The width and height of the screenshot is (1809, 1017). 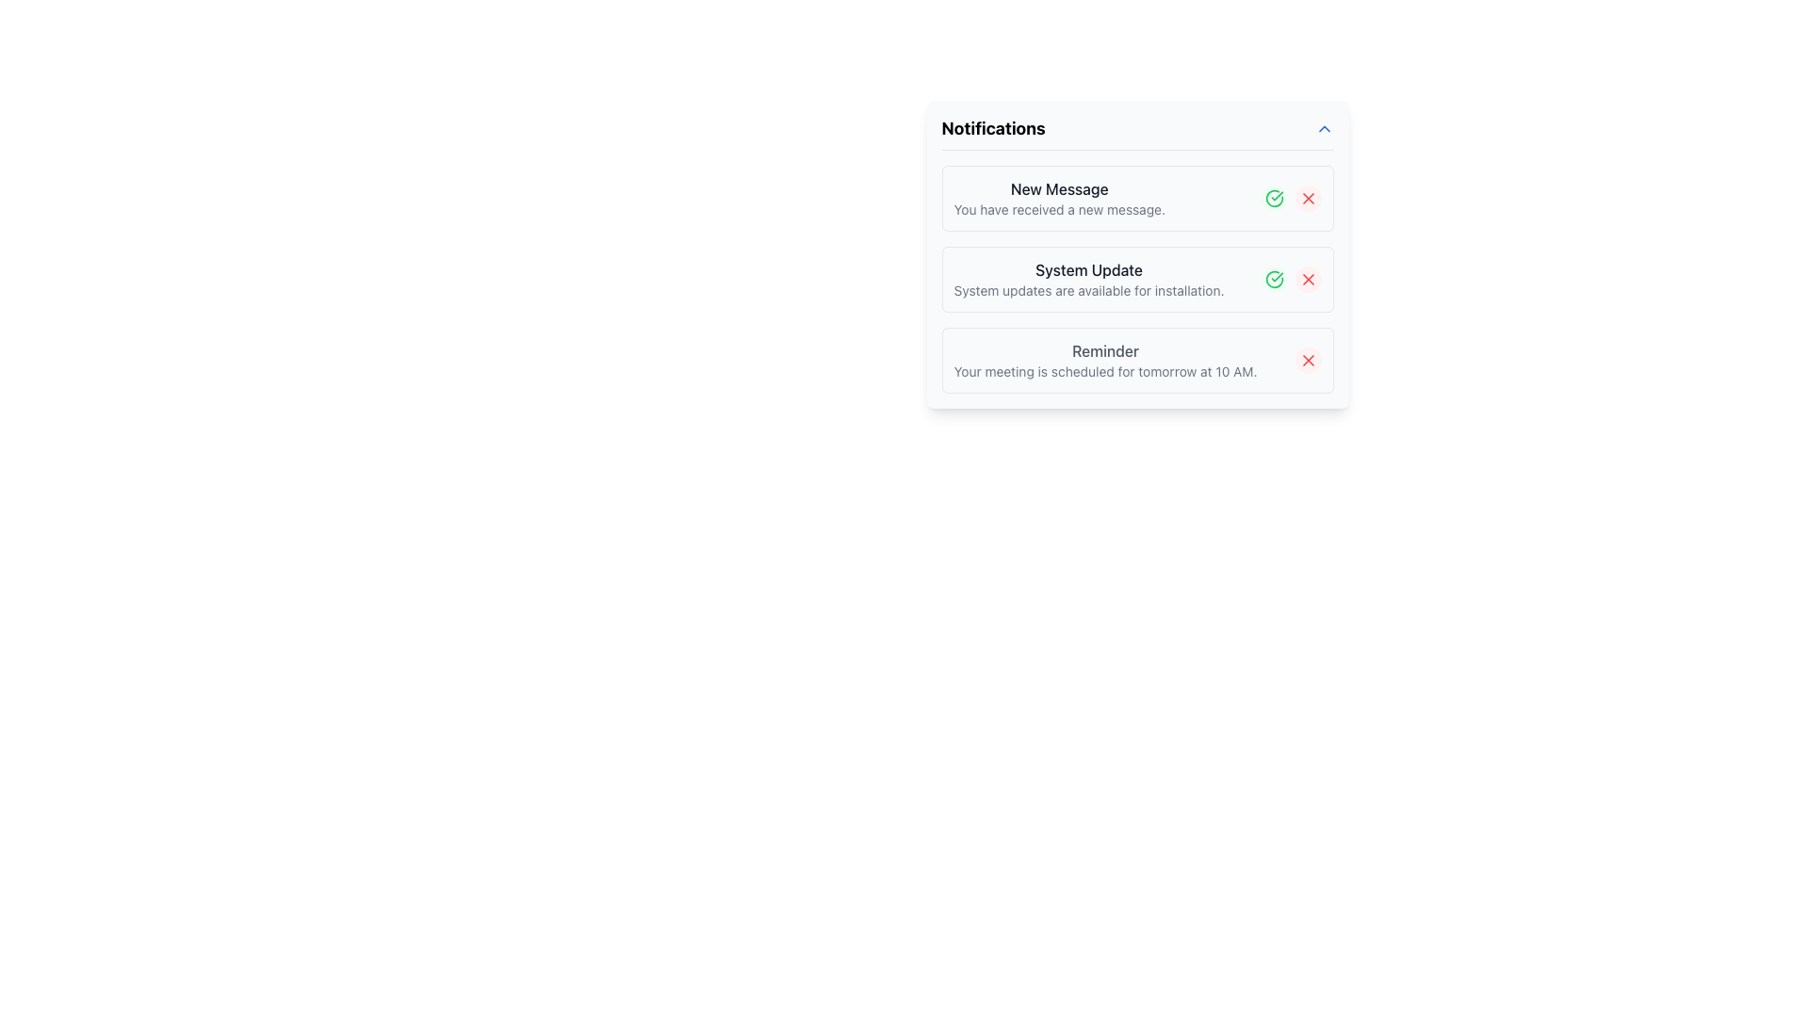 I want to click on the group of interactive buttons containing a green checkmark and a red 'X' symbol in the upper-right corner of the 'System Update' notification card, so click(x=1290, y=280).